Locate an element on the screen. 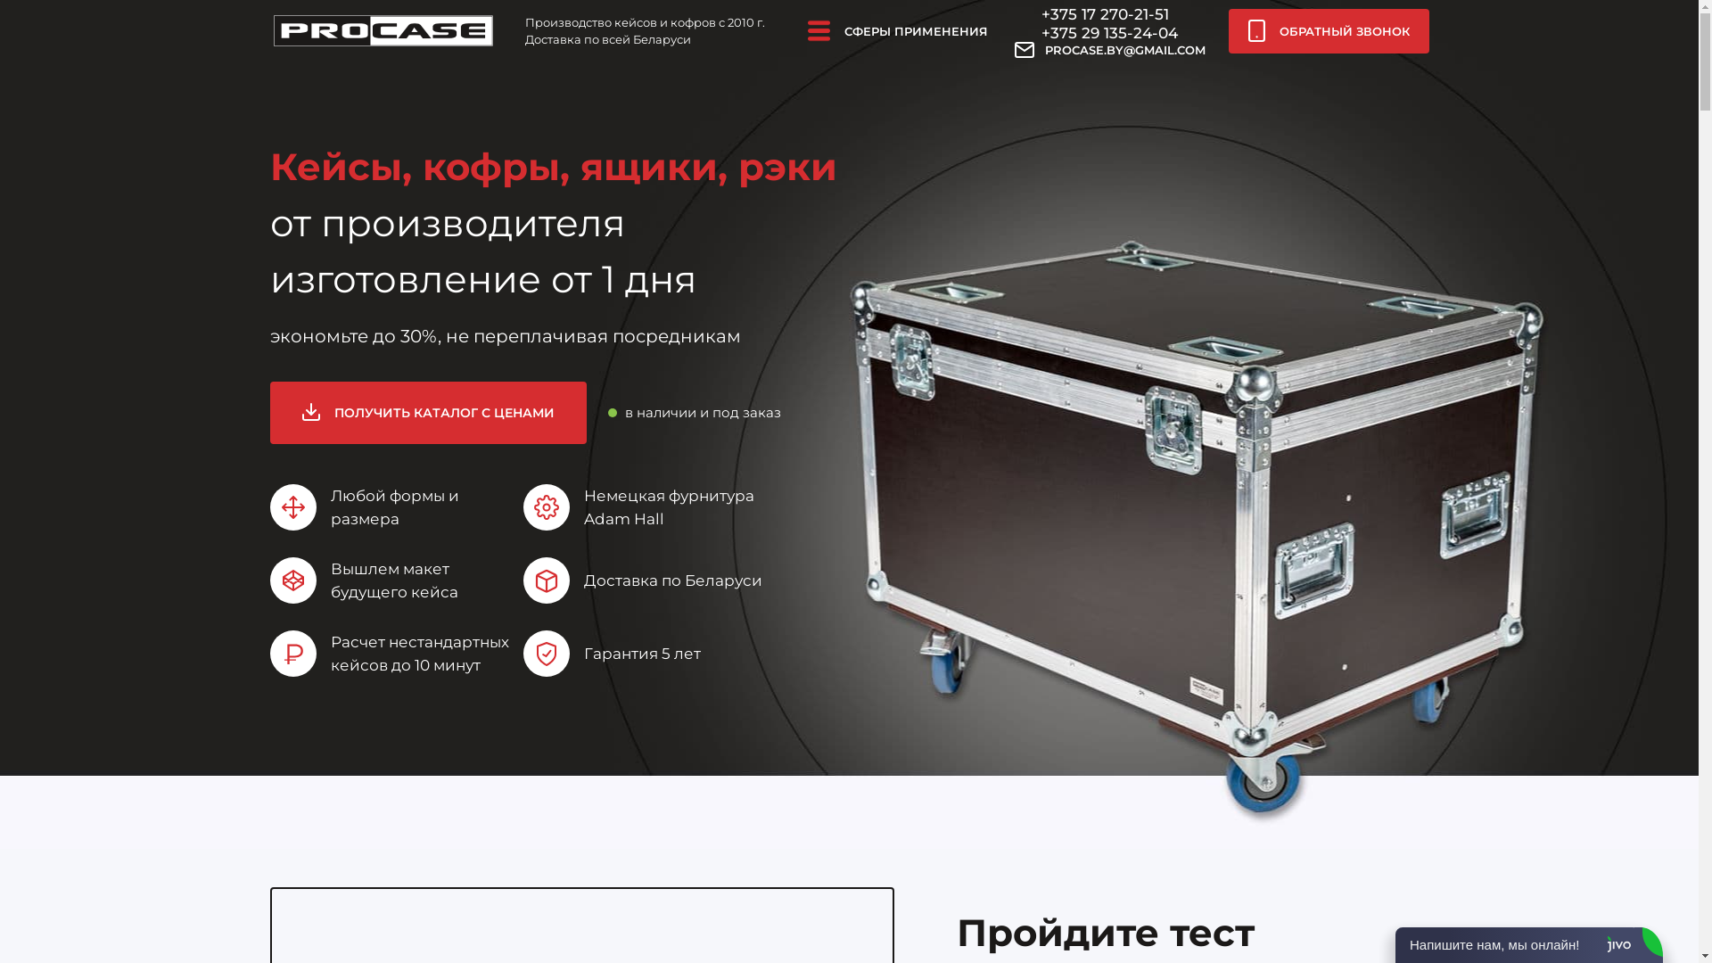 Image resolution: width=1712 pixels, height=963 pixels. 'PROCASE.BY@GMAIL.COM' is located at coordinates (1108, 49).